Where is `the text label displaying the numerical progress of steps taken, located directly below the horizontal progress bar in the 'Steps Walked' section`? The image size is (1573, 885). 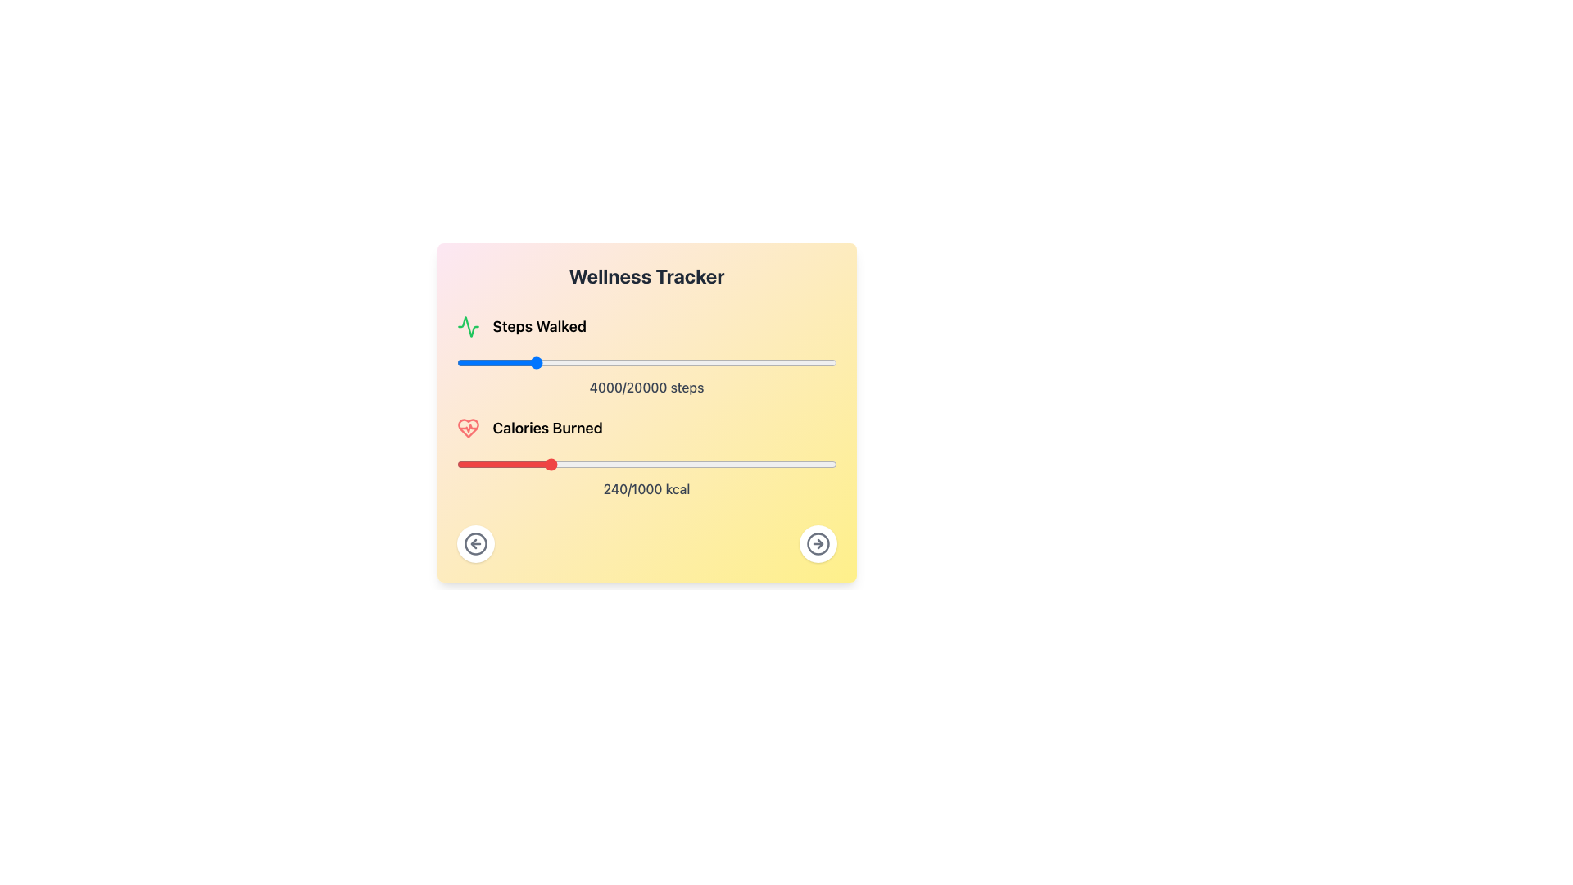 the text label displaying the numerical progress of steps taken, located directly below the horizontal progress bar in the 'Steps Walked' section is located at coordinates (646, 388).